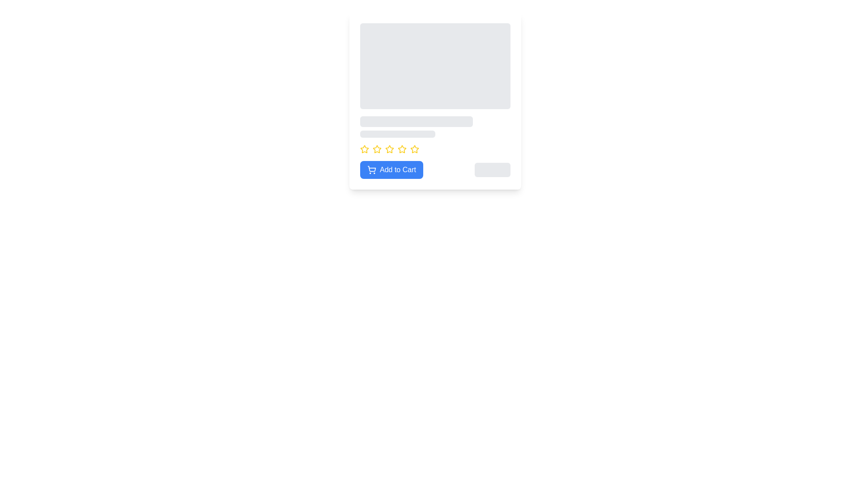 This screenshot has width=859, height=483. I want to click on the fourth star in the rating system, so click(401, 148).